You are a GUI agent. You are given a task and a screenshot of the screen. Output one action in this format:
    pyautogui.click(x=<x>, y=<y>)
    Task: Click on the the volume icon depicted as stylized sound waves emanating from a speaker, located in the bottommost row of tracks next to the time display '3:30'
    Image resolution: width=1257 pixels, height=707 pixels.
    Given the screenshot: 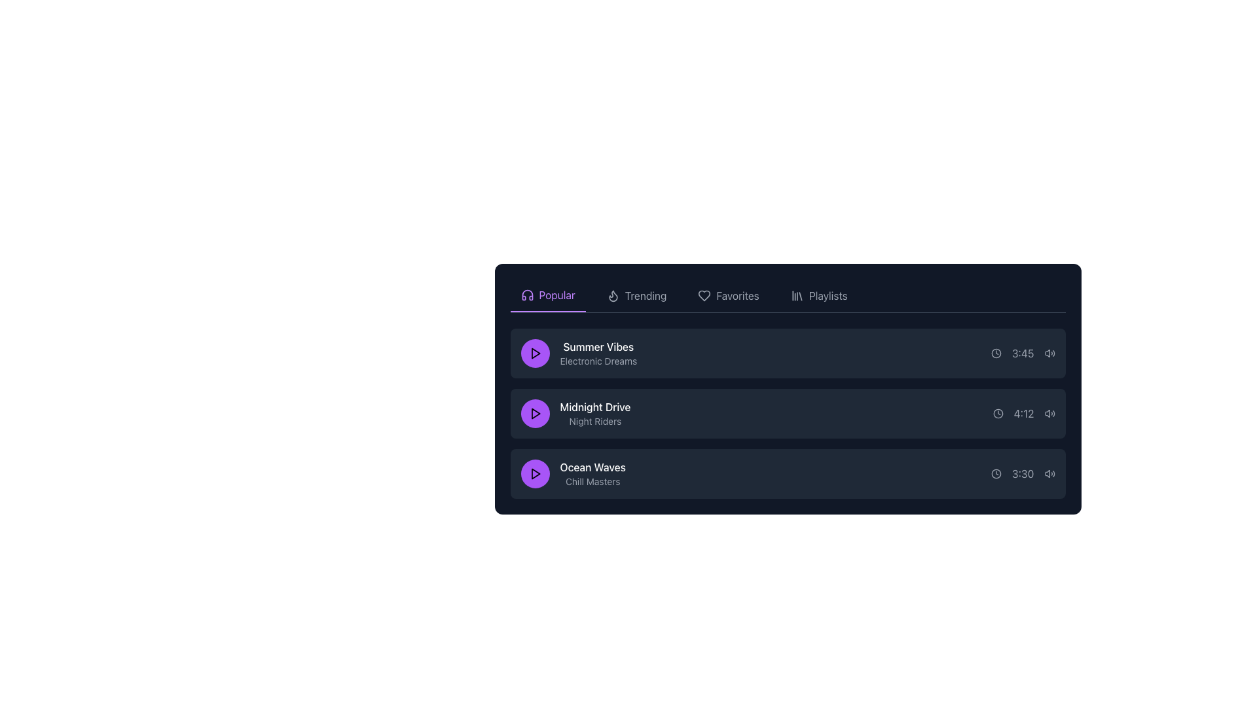 What is the action you would take?
    pyautogui.click(x=1049, y=474)
    